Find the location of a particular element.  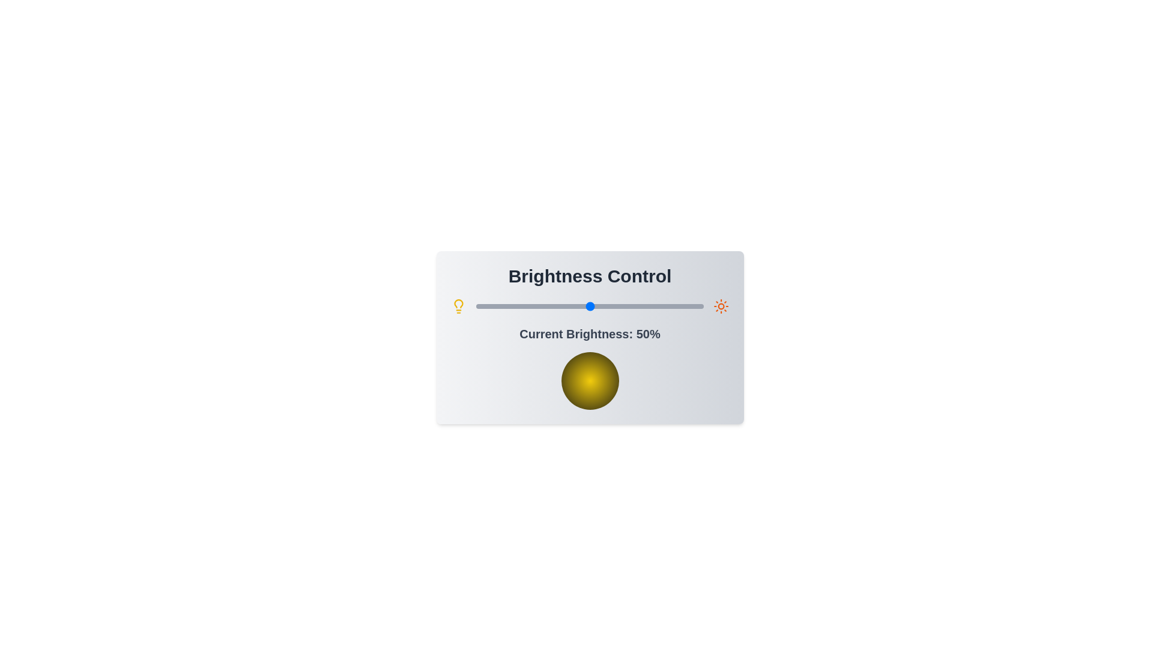

the lightbulb icon is located at coordinates (458, 305).